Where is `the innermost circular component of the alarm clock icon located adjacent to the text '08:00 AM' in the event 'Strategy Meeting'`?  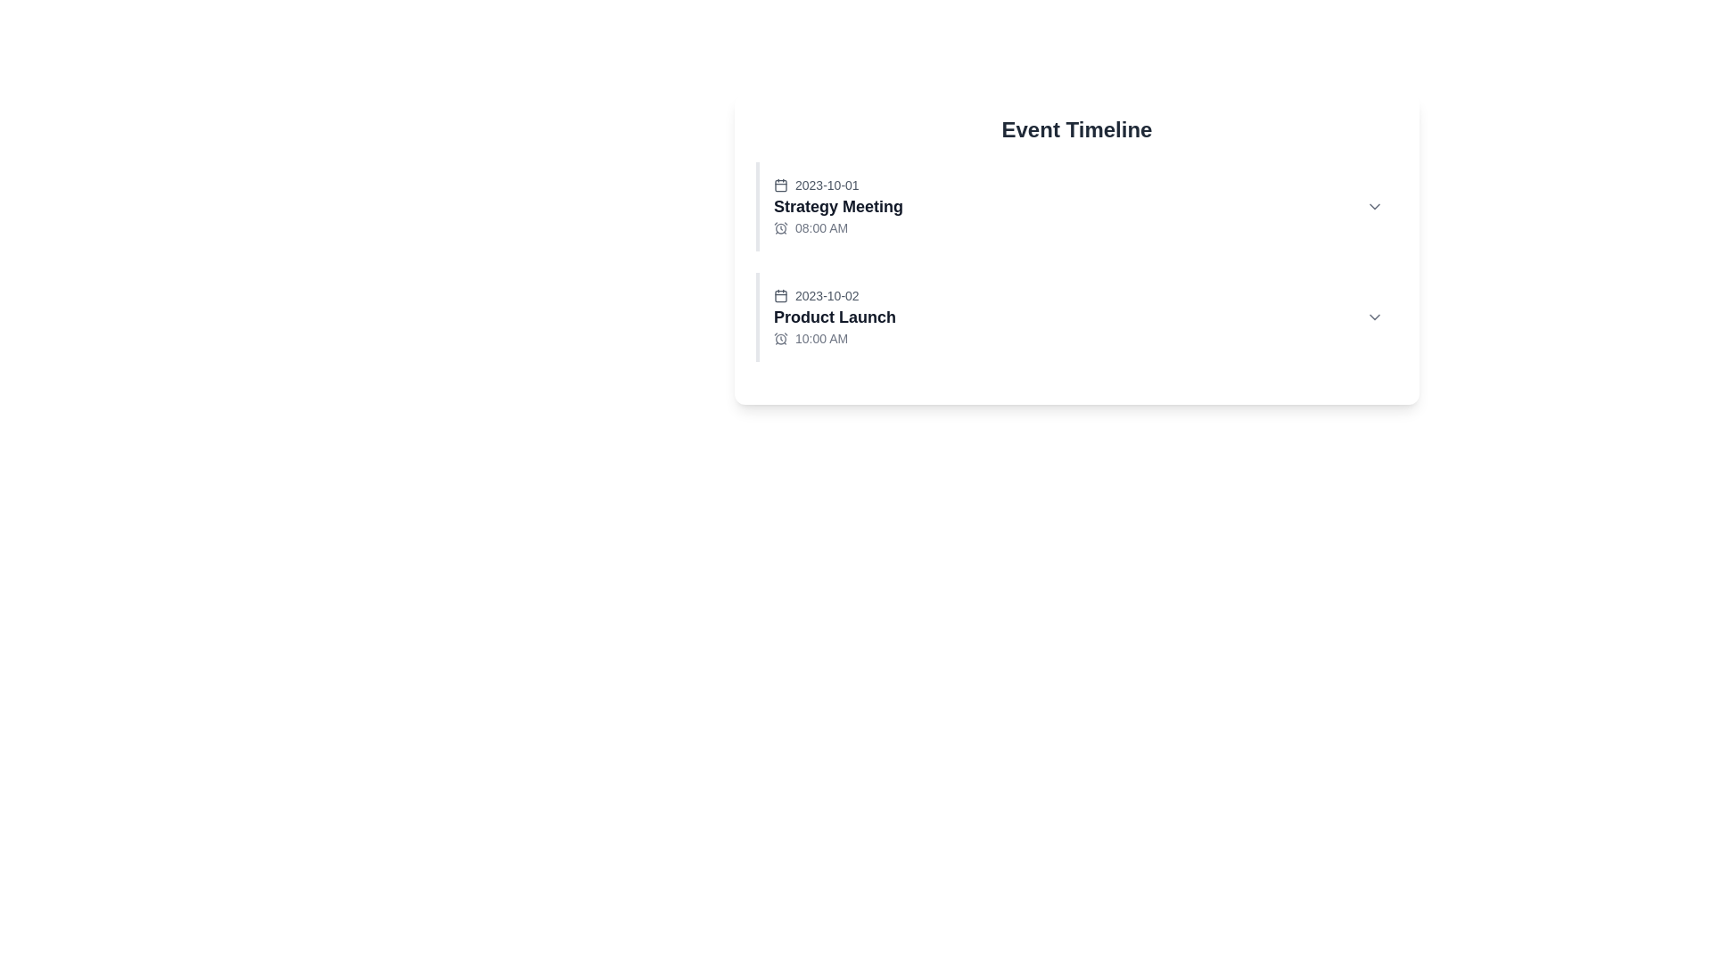 the innermost circular component of the alarm clock icon located adjacent to the text '08:00 AM' in the event 'Strategy Meeting' is located at coordinates (780, 226).